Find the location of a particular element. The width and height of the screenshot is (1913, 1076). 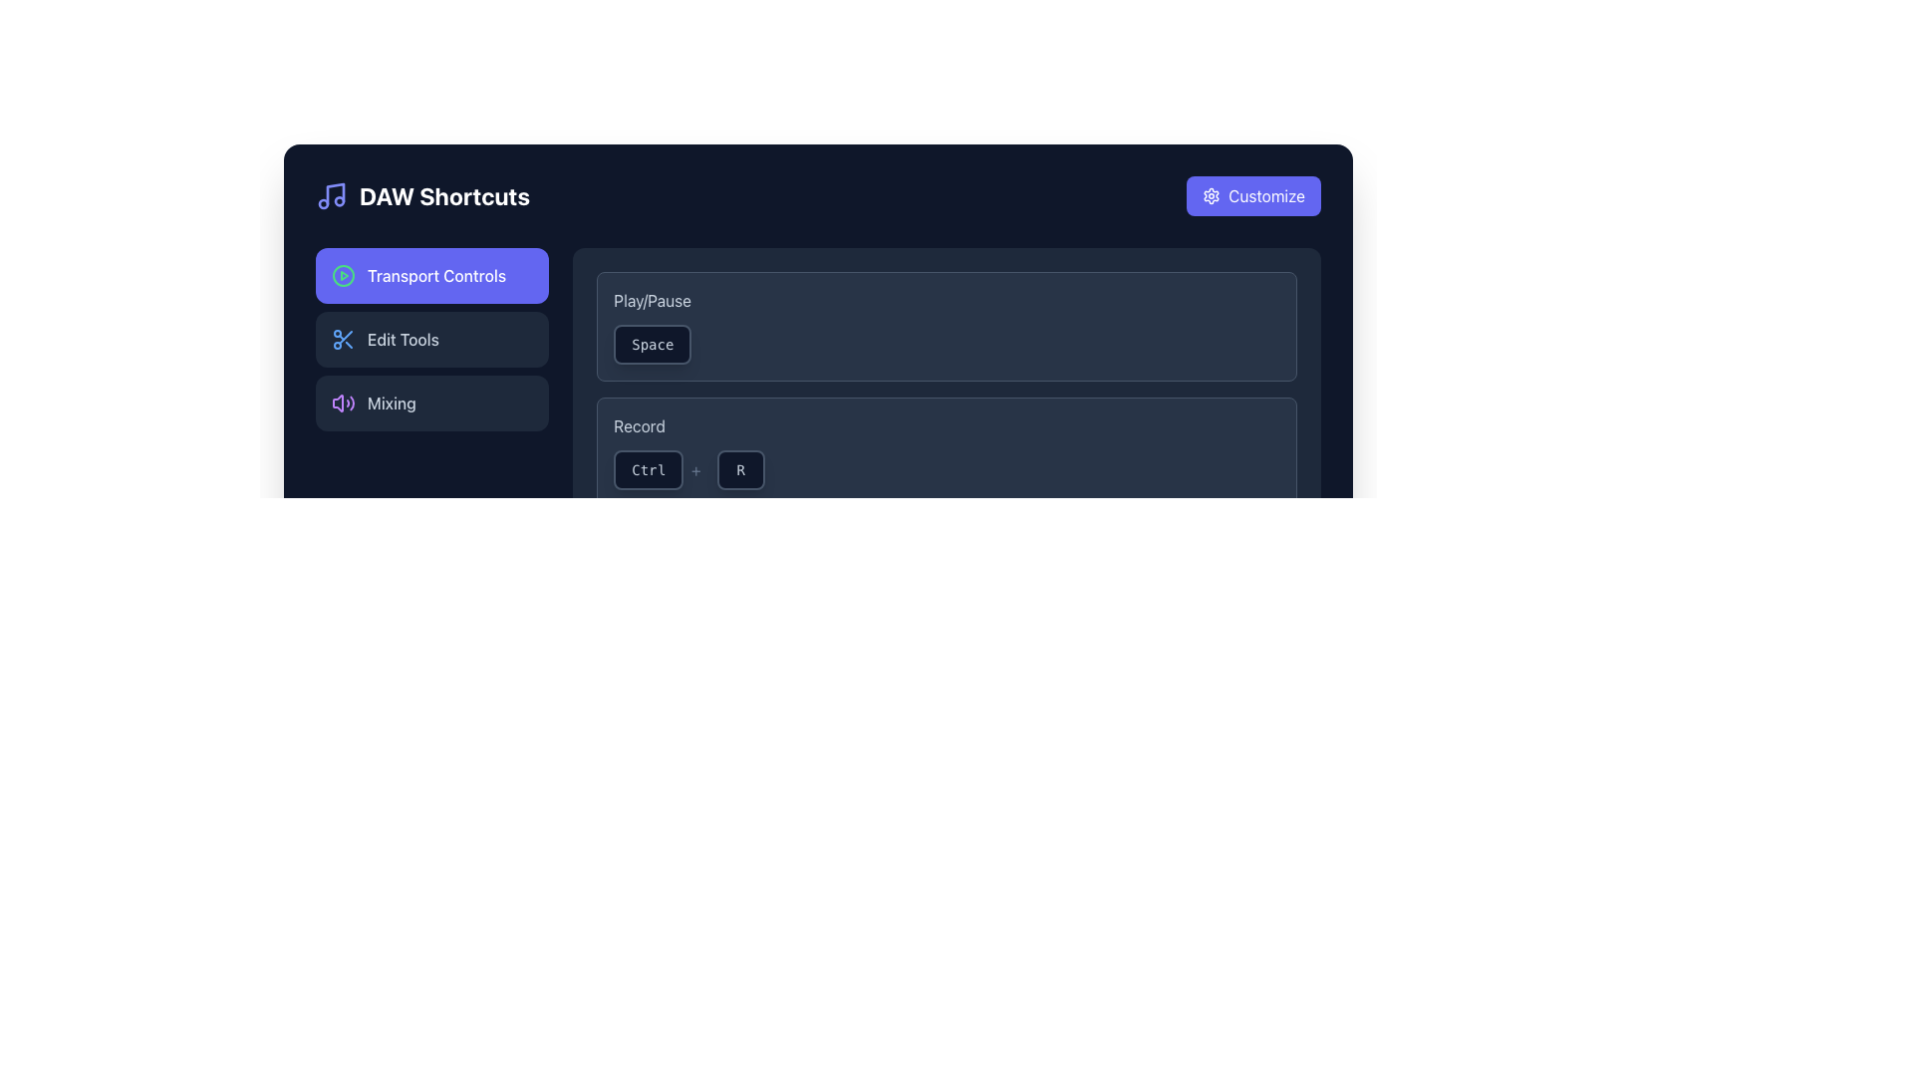

the purple speaker icon with sound waves in the sidebar menu is located at coordinates (338, 403).